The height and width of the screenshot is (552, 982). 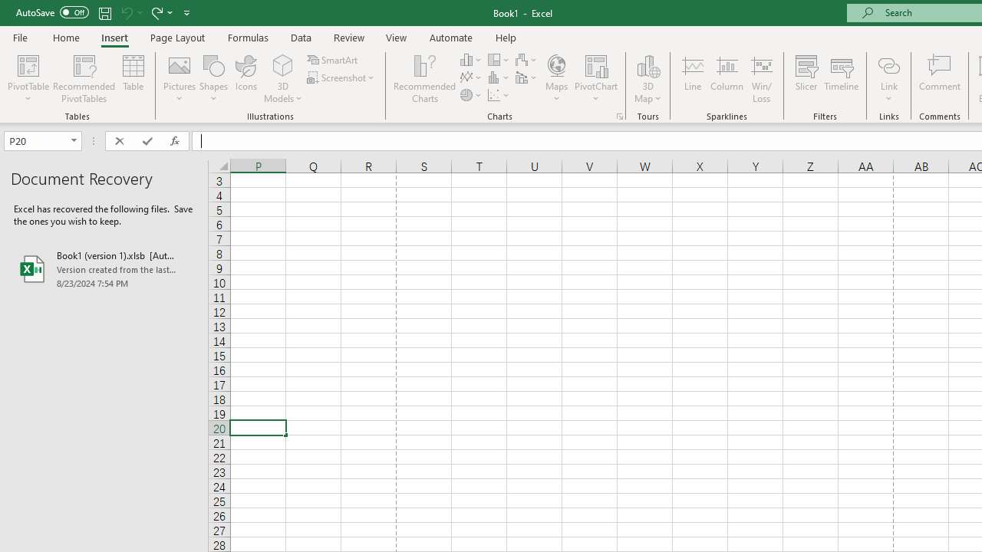 What do you see at coordinates (283, 79) in the screenshot?
I see `'3D Models'` at bounding box center [283, 79].